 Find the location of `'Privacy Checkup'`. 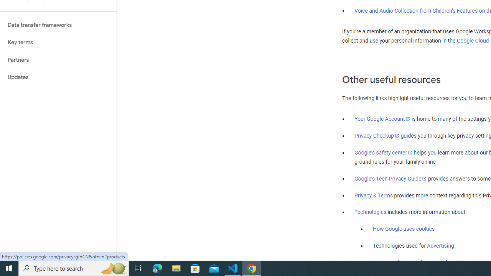

'Privacy Checkup' is located at coordinates (377, 135).